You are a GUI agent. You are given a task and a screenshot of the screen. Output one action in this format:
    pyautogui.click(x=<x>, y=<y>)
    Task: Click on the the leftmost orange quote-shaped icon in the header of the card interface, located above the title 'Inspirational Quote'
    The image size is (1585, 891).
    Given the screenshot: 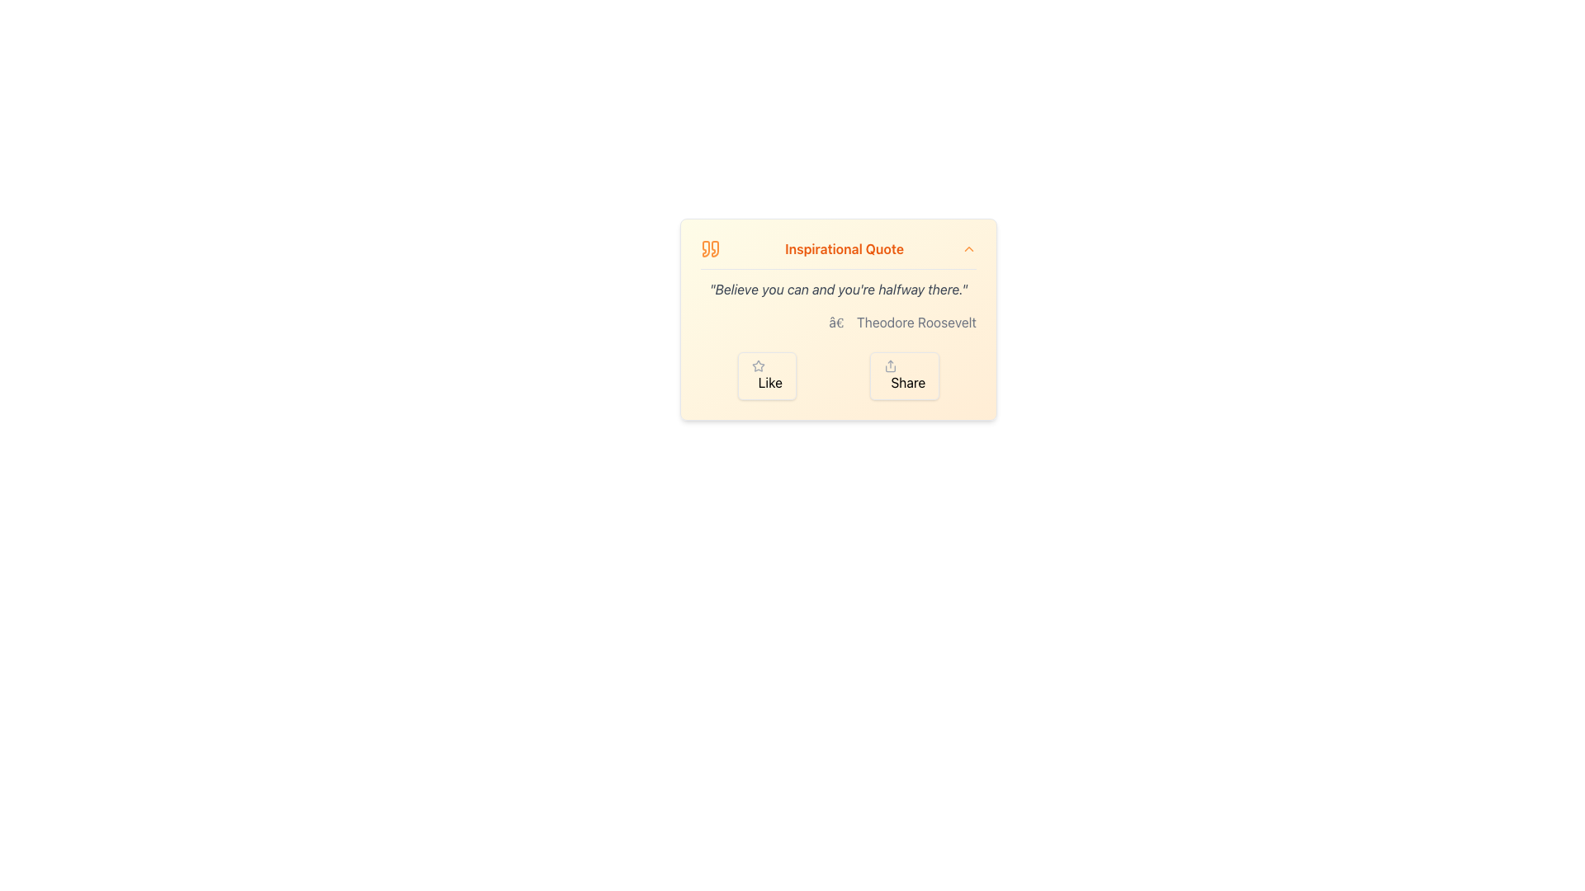 What is the action you would take?
    pyautogui.click(x=706, y=248)
    